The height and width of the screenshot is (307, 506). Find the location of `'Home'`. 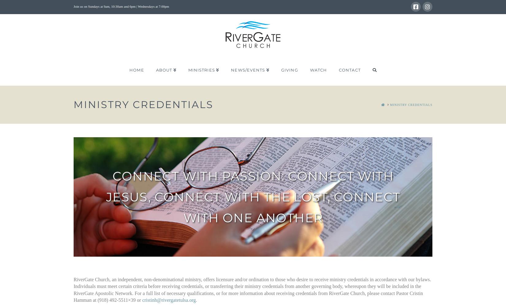

'Home' is located at coordinates (136, 70).